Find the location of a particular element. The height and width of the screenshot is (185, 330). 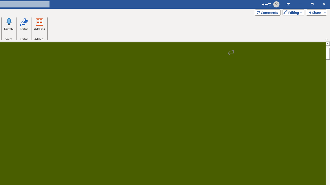

'Page up' is located at coordinates (327, 47).